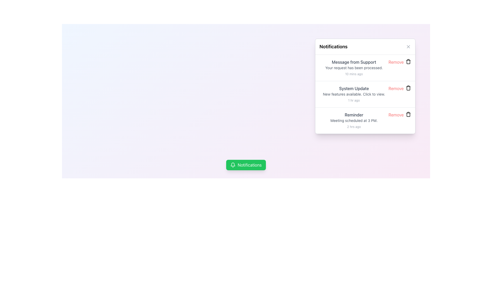 The image size is (502, 282). Describe the element at coordinates (333, 46) in the screenshot. I see `keyboard navigation` at that location.